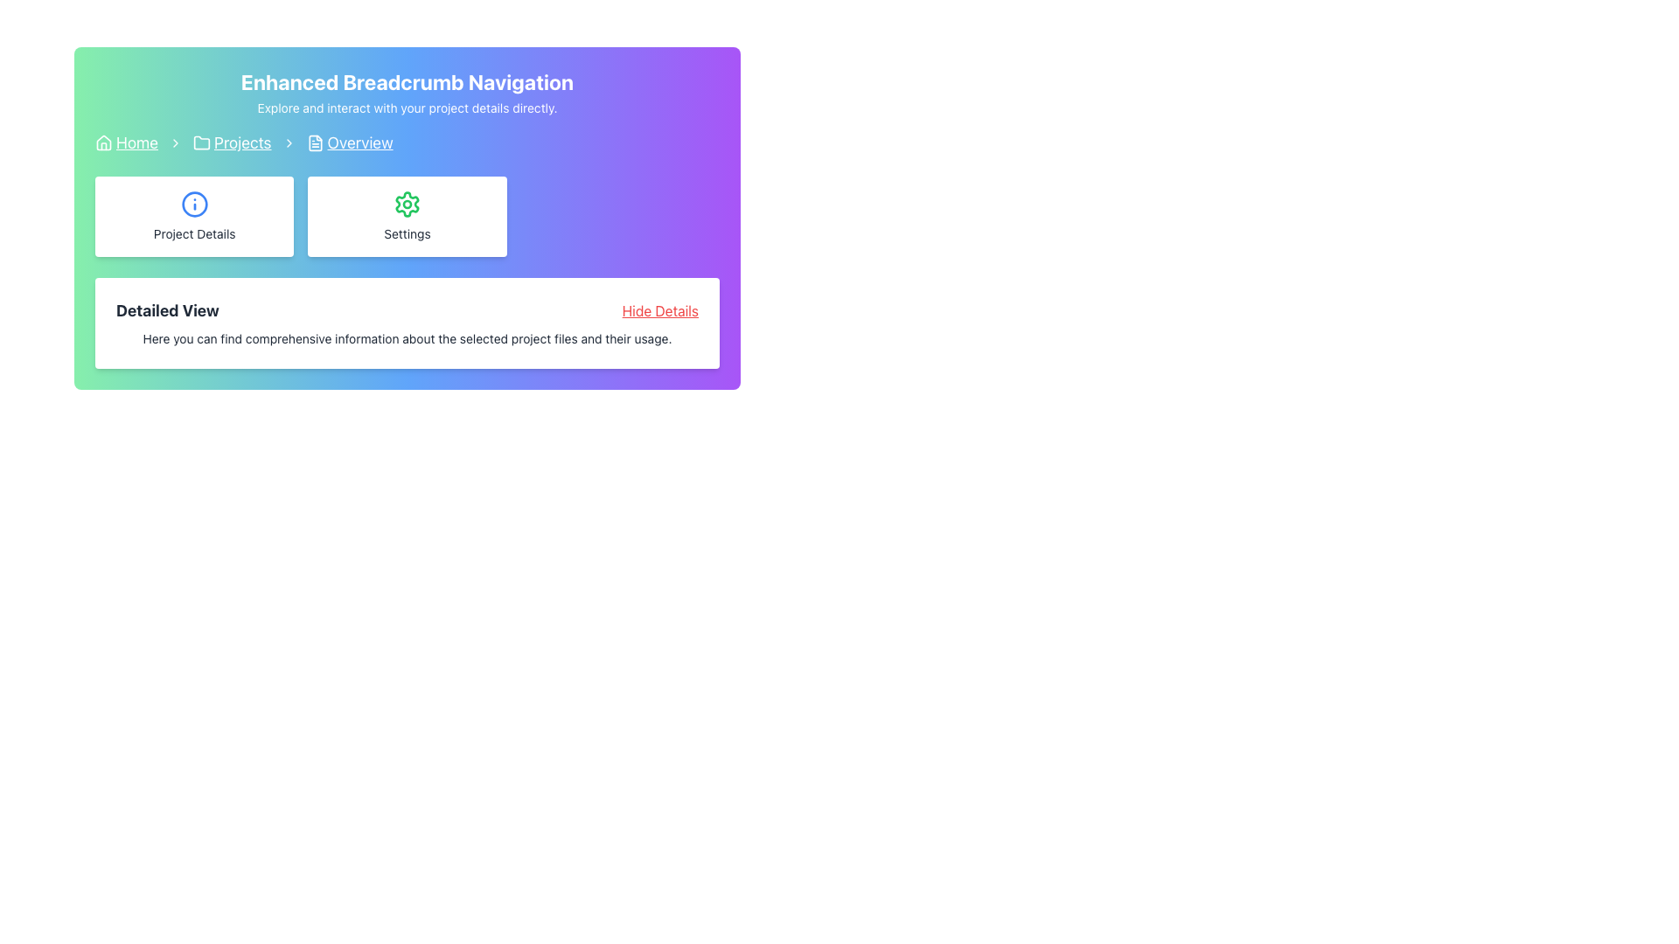 The width and height of the screenshot is (1679, 944). Describe the element at coordinates (359, 142) in the screenshot. I see `the fourth hyperlink in the breadcrumb navigation bar, which follows the 'Projects' link and document icon` at that location.